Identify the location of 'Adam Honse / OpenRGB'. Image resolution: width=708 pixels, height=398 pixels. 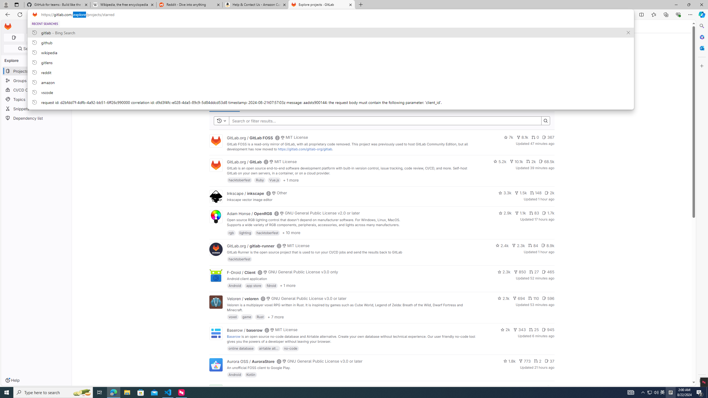
(249, 213).